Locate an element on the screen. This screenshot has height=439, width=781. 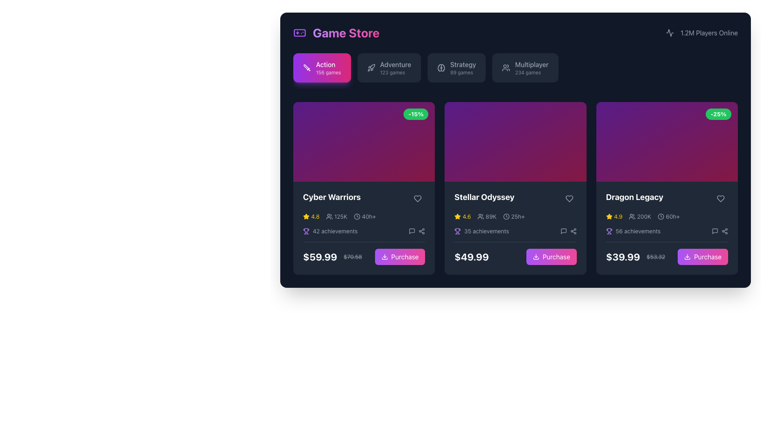
the bold text label 'Strategy' which is the title section of the third button in a horizontal list of category buttons, positioned between 'Adventure' and 'Multiplayer' is located at coordinates (463, 64).